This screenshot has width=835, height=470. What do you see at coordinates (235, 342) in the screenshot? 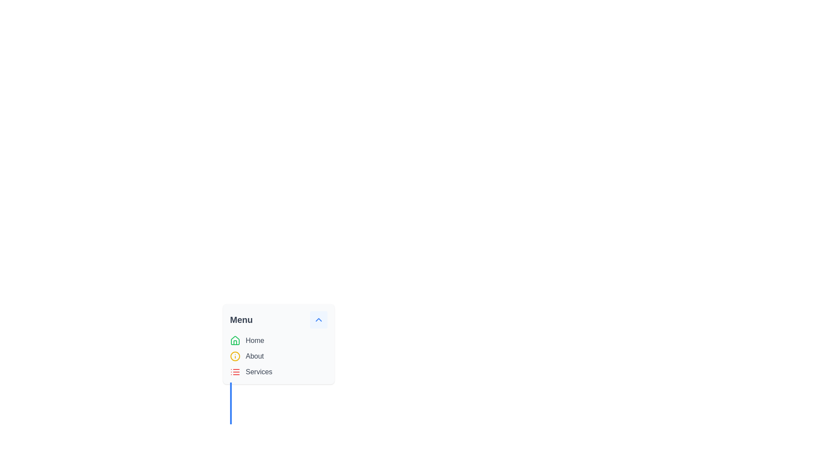
I see `the house icon representing the 'Home' menu item, located in the top-left corner of the menu interface` at bounding box center [235, 342].